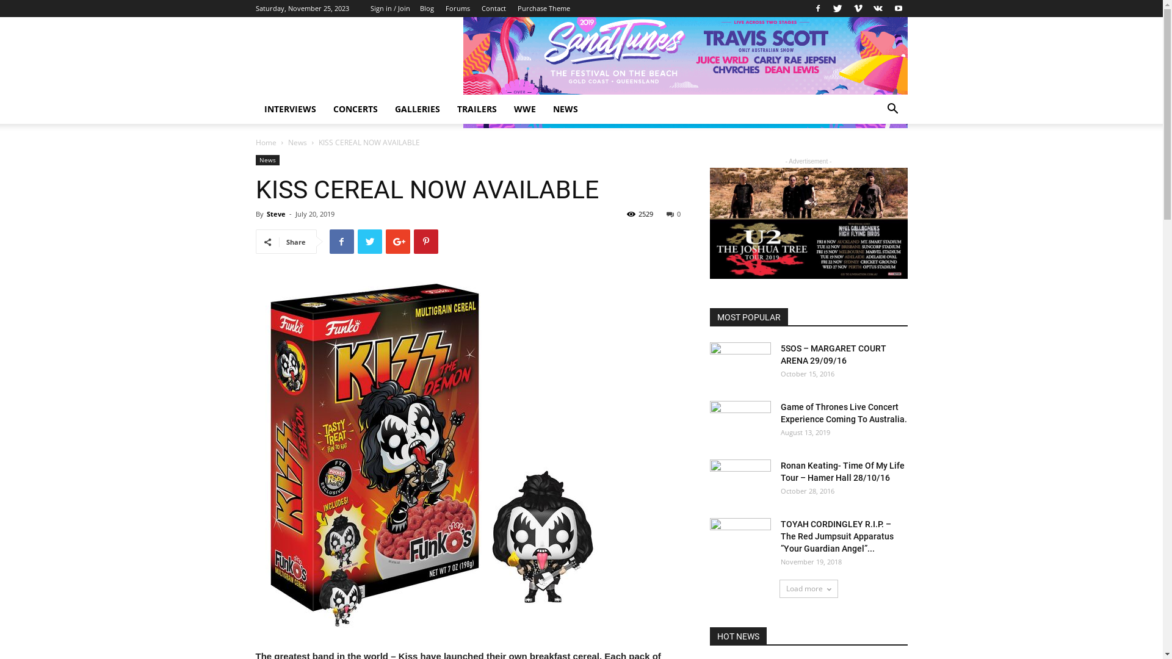 Image resolution: width=1172 pixels, height=659 pixels. I want to click on 'Purchase Theme', so click(543, 8).